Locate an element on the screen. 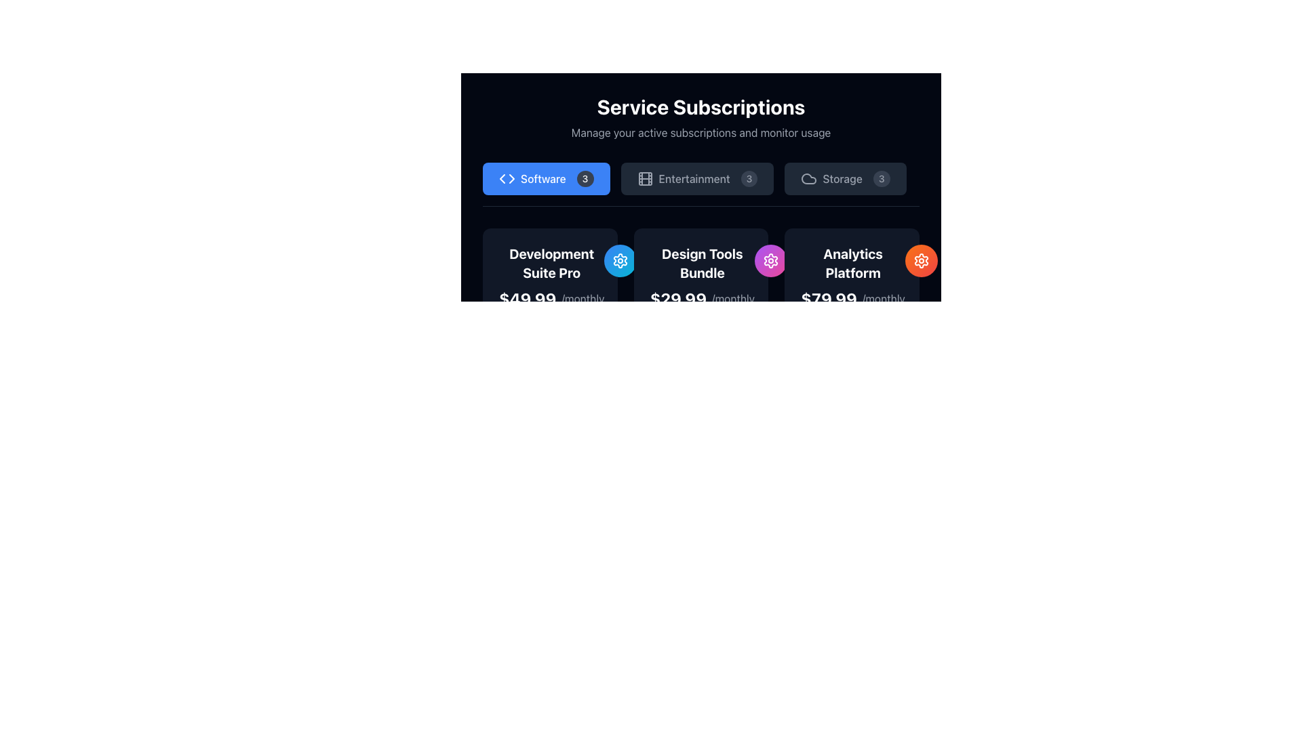  text information from the 'Design Tools Bundle' element, which is styled in bold, large white font with a price tag of '$29.99/monthly' below it, located in the center of the second subscription item is located at coordinates (702, 276).